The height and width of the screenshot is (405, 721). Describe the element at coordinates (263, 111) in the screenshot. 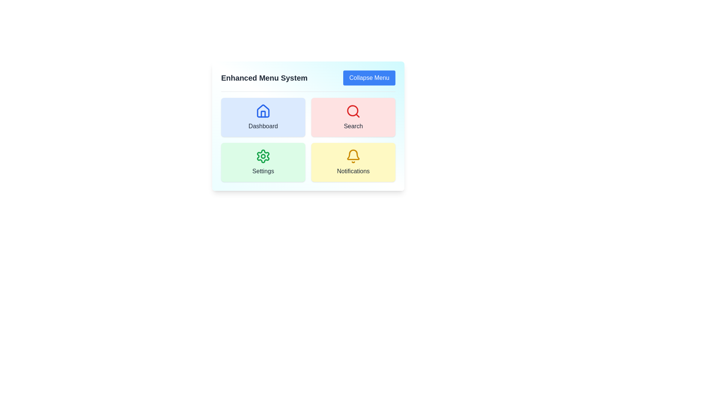

I see `the blue house-shaped icon located above the 'Dashboard' label` at that location.